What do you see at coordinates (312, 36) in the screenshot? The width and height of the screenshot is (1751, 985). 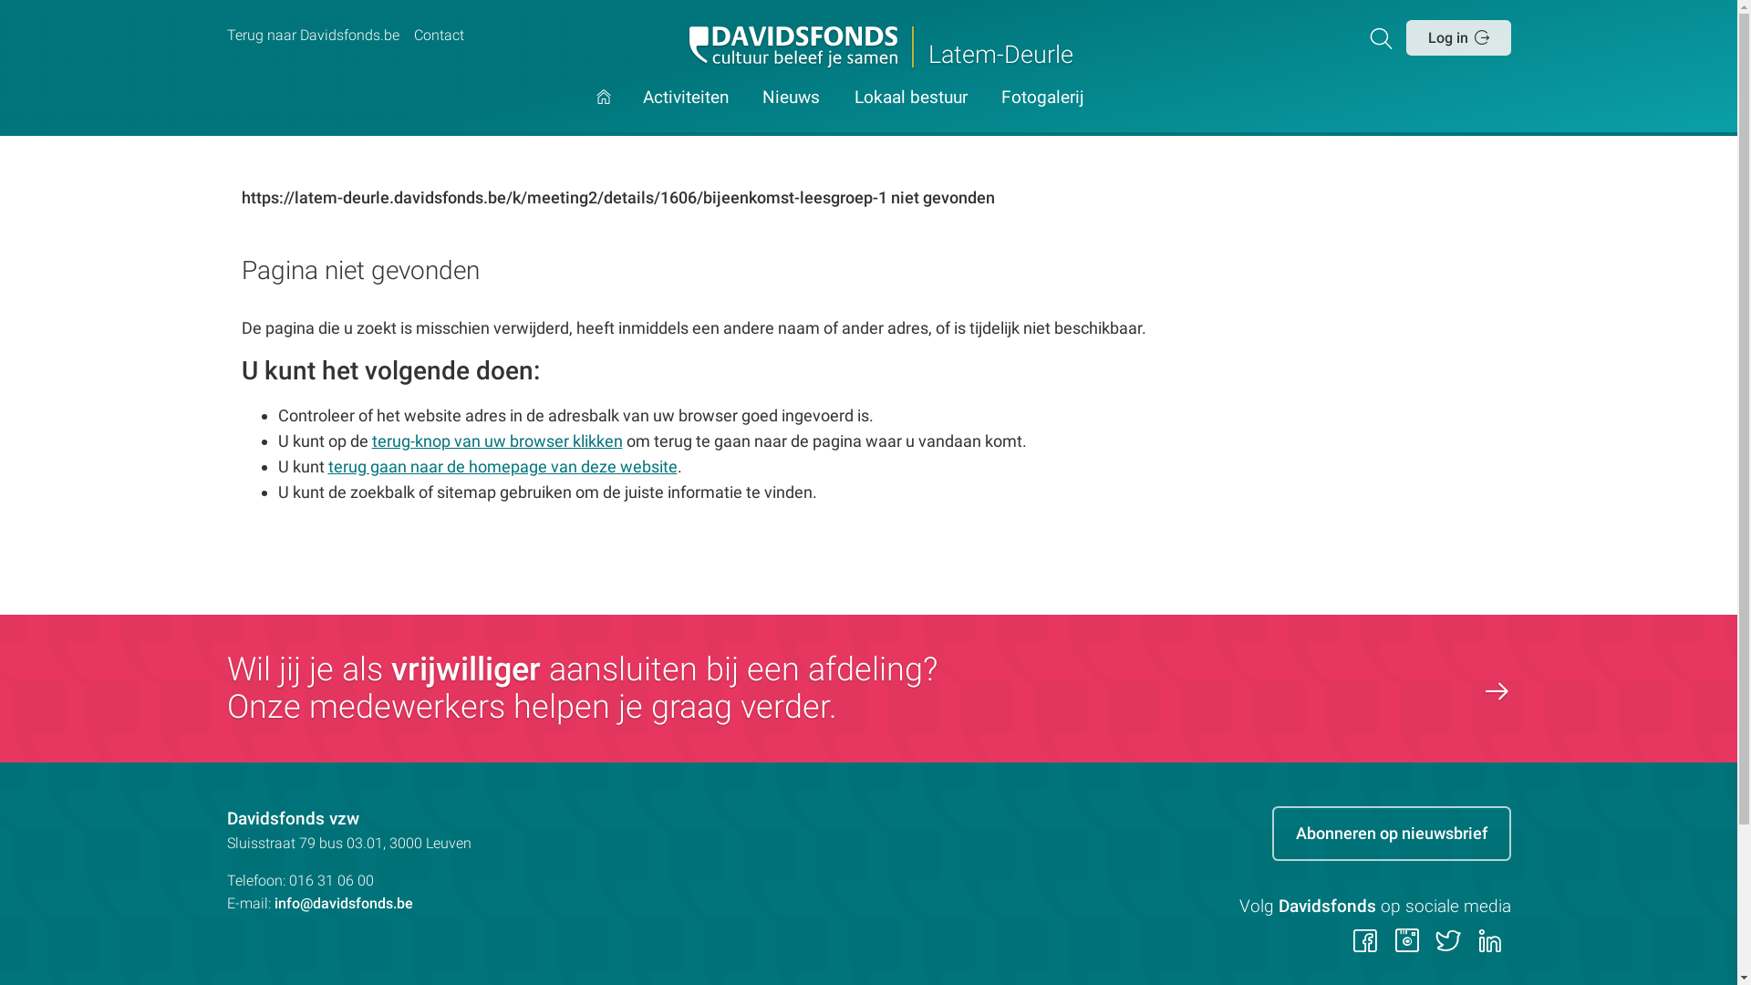 I see `'Terug naar Davidsfonds.be'` at bounding box center [312, 36].